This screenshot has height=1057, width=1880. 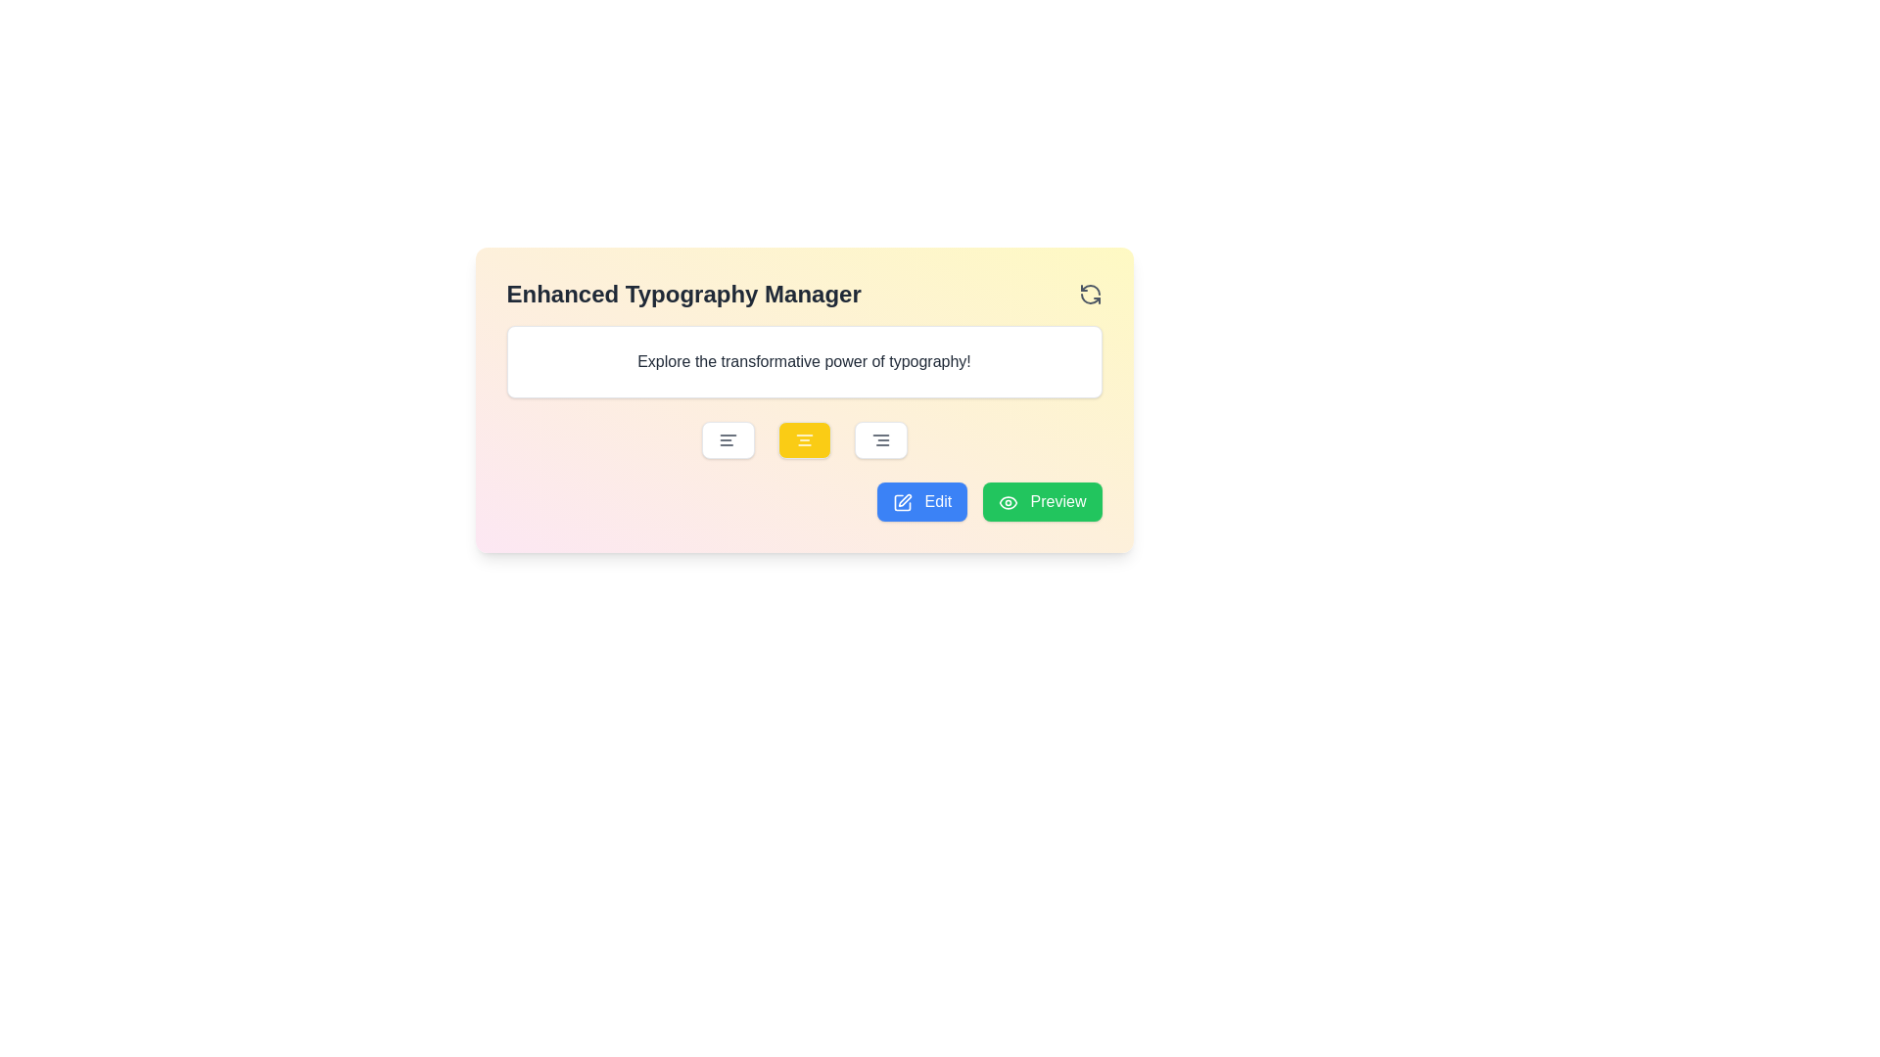 I want to click on the eye icon located at the leftmost position of the green 'Preview' button to initiate the preview action, so click(x=1009, y=501).